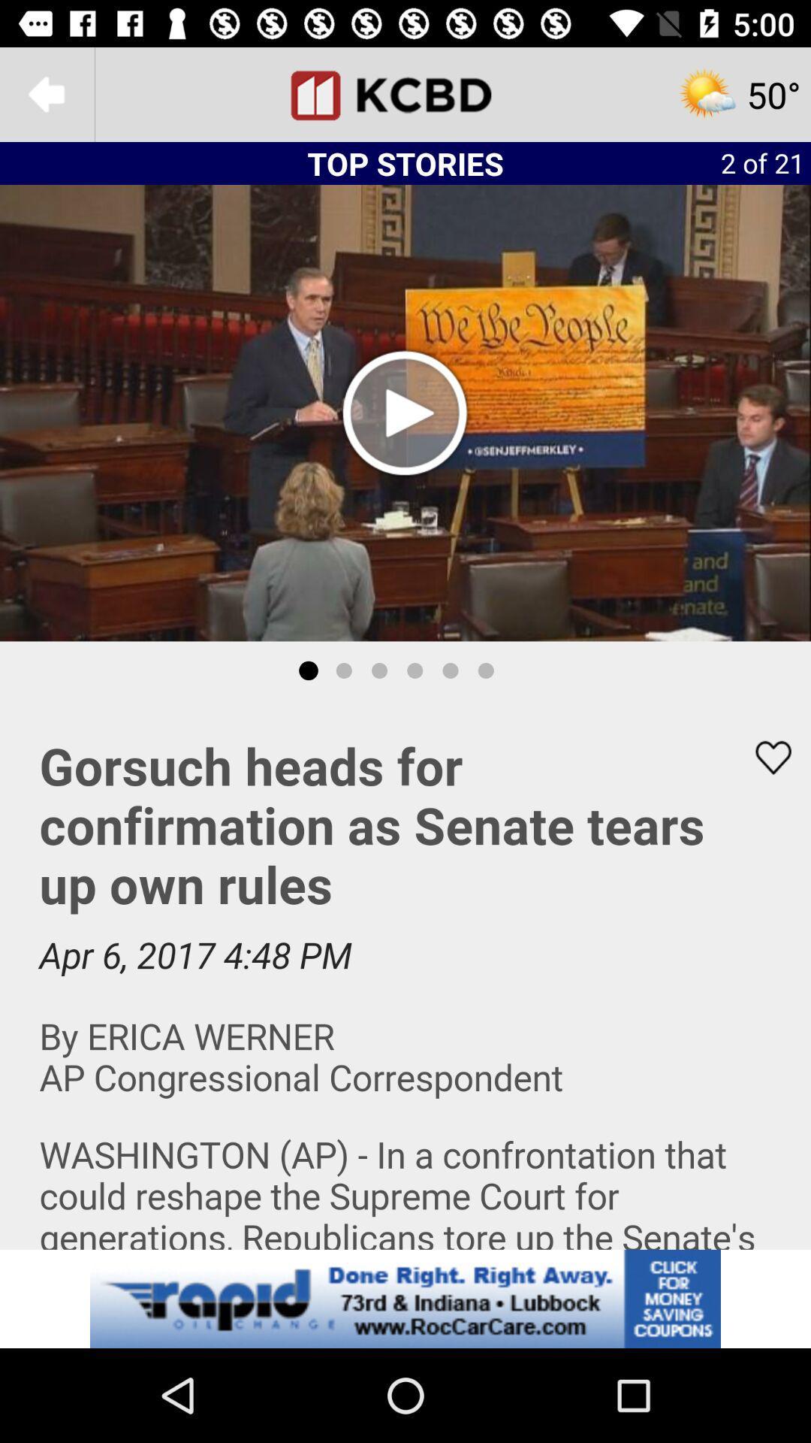  What do you see at coordinates (46, 93) in the screenshot?
I see `go back` at bounding box center [46, 93].